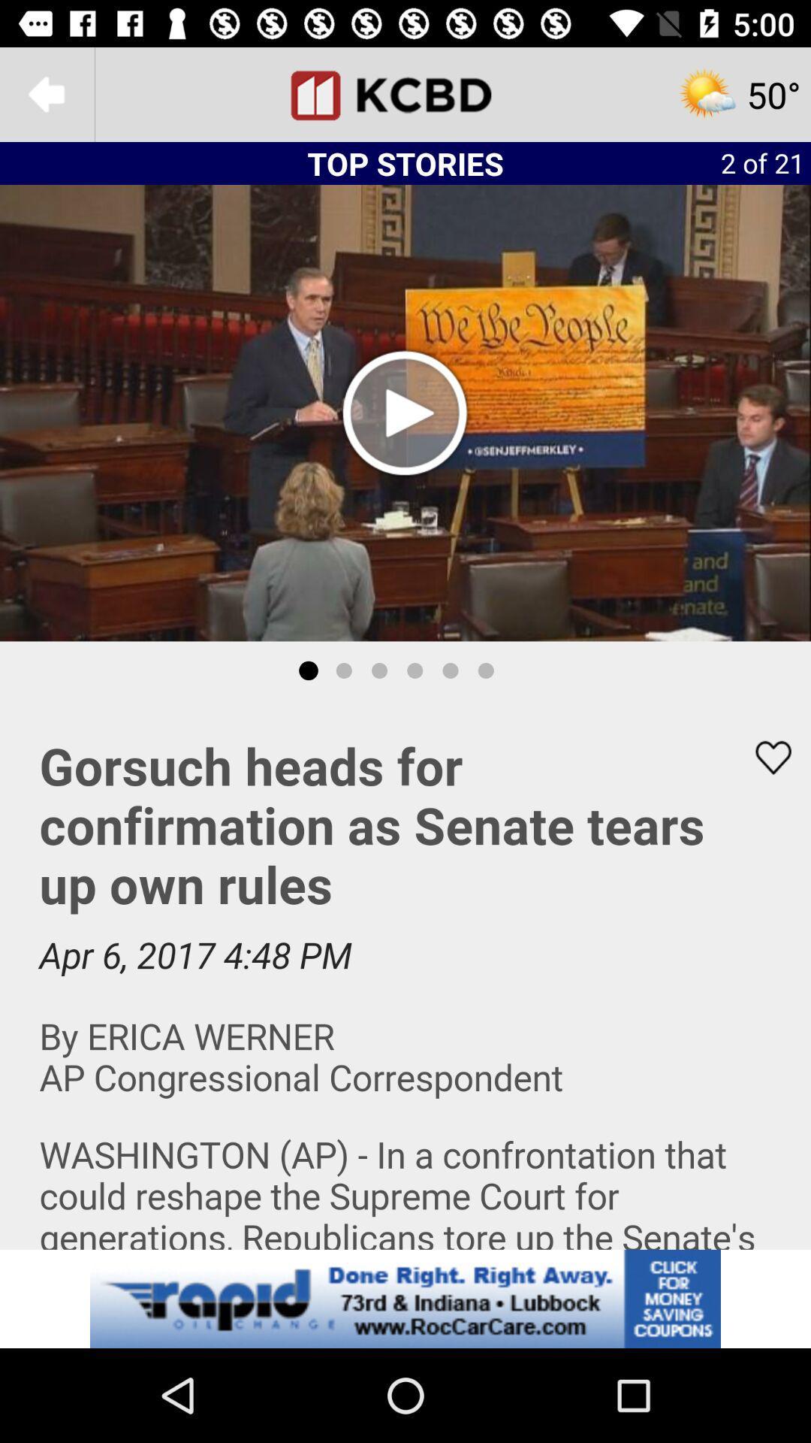  What do you see at coordinates (46, 93) in the screenshot?
I see `go back` at bounding box center [46, 93].